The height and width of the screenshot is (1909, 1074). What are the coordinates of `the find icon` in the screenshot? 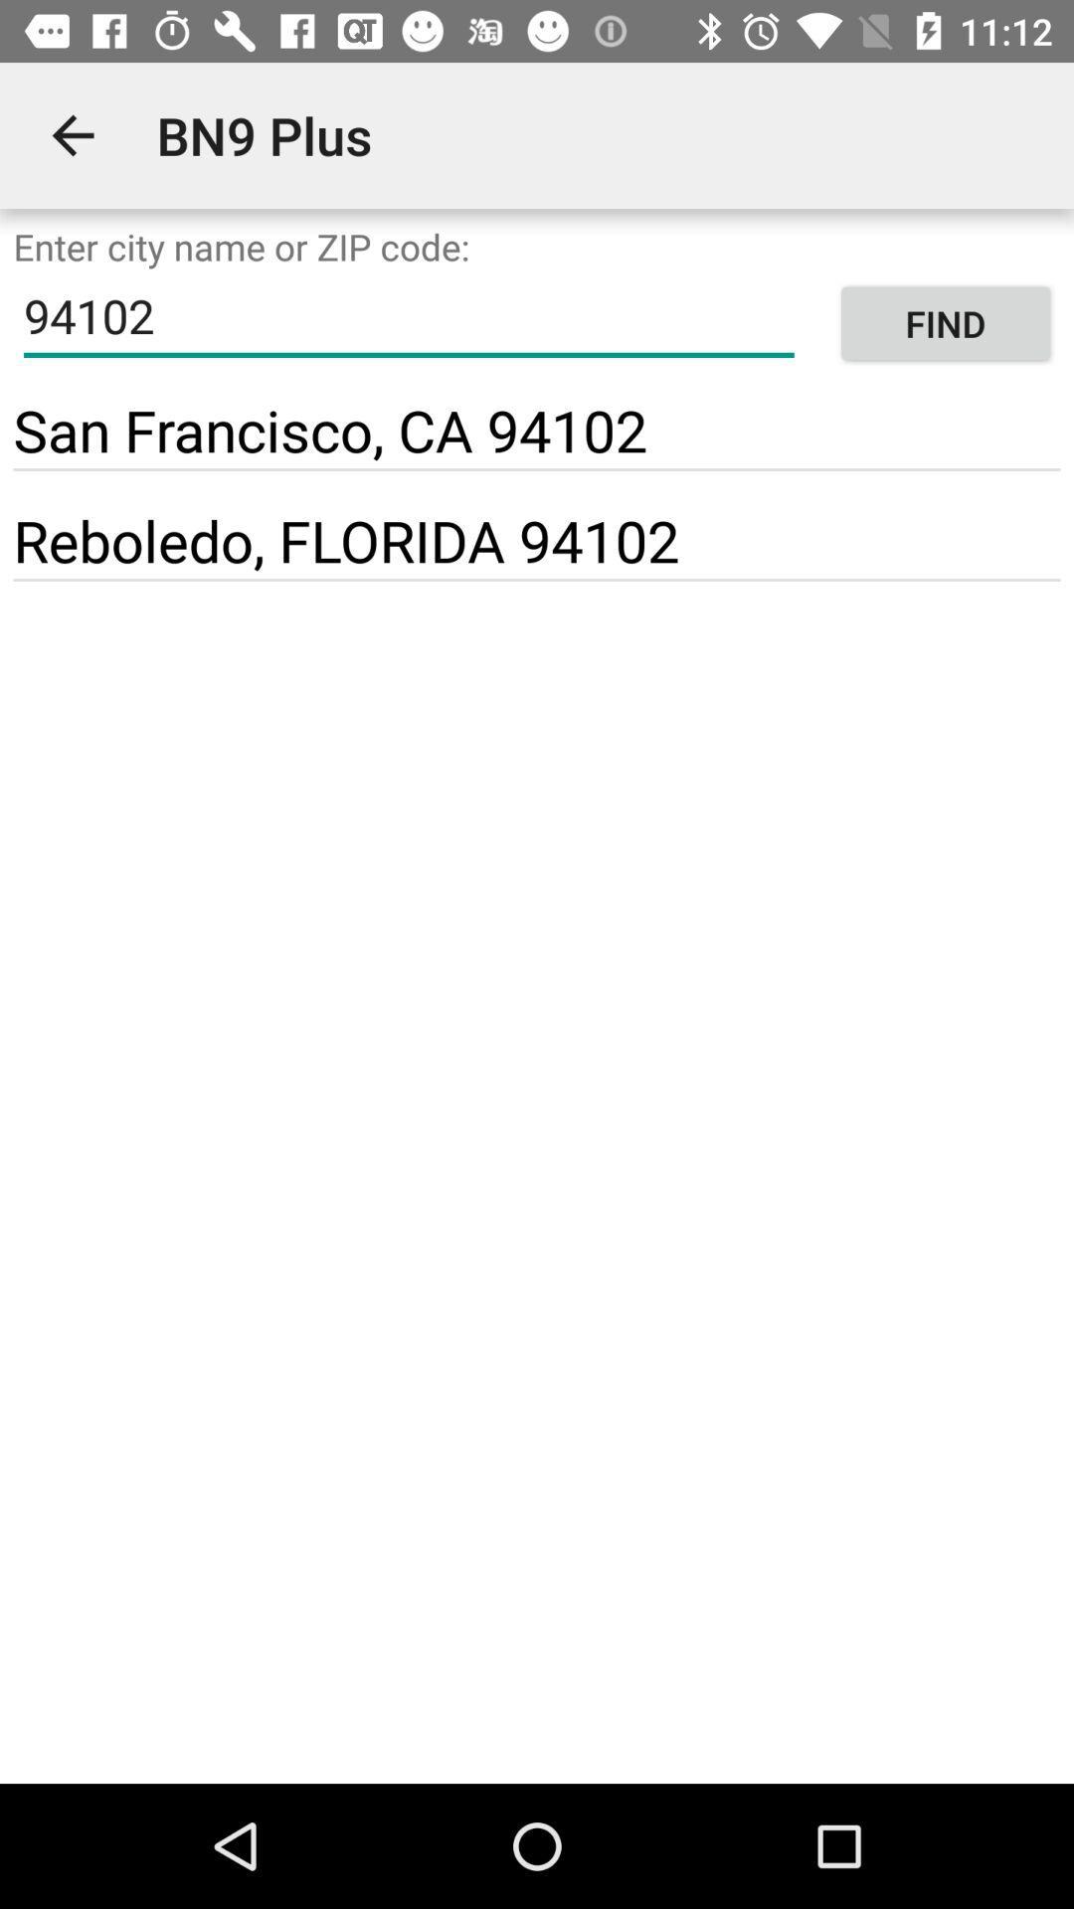 It's located at (945, 323).